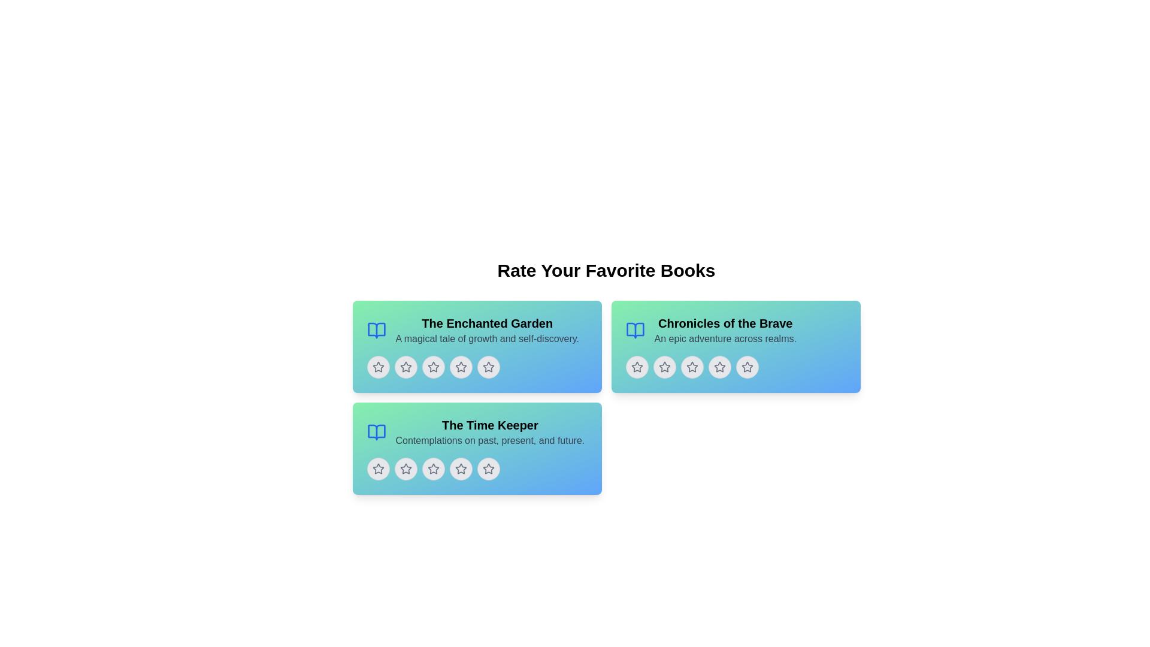 The height and width of the screenshot is (647, 1150). What do you see at coordinates (476, 448) in the screenshot?
I see `the star icons in the card component for 'The Time Keeper'` at bounding box center [476, 448].